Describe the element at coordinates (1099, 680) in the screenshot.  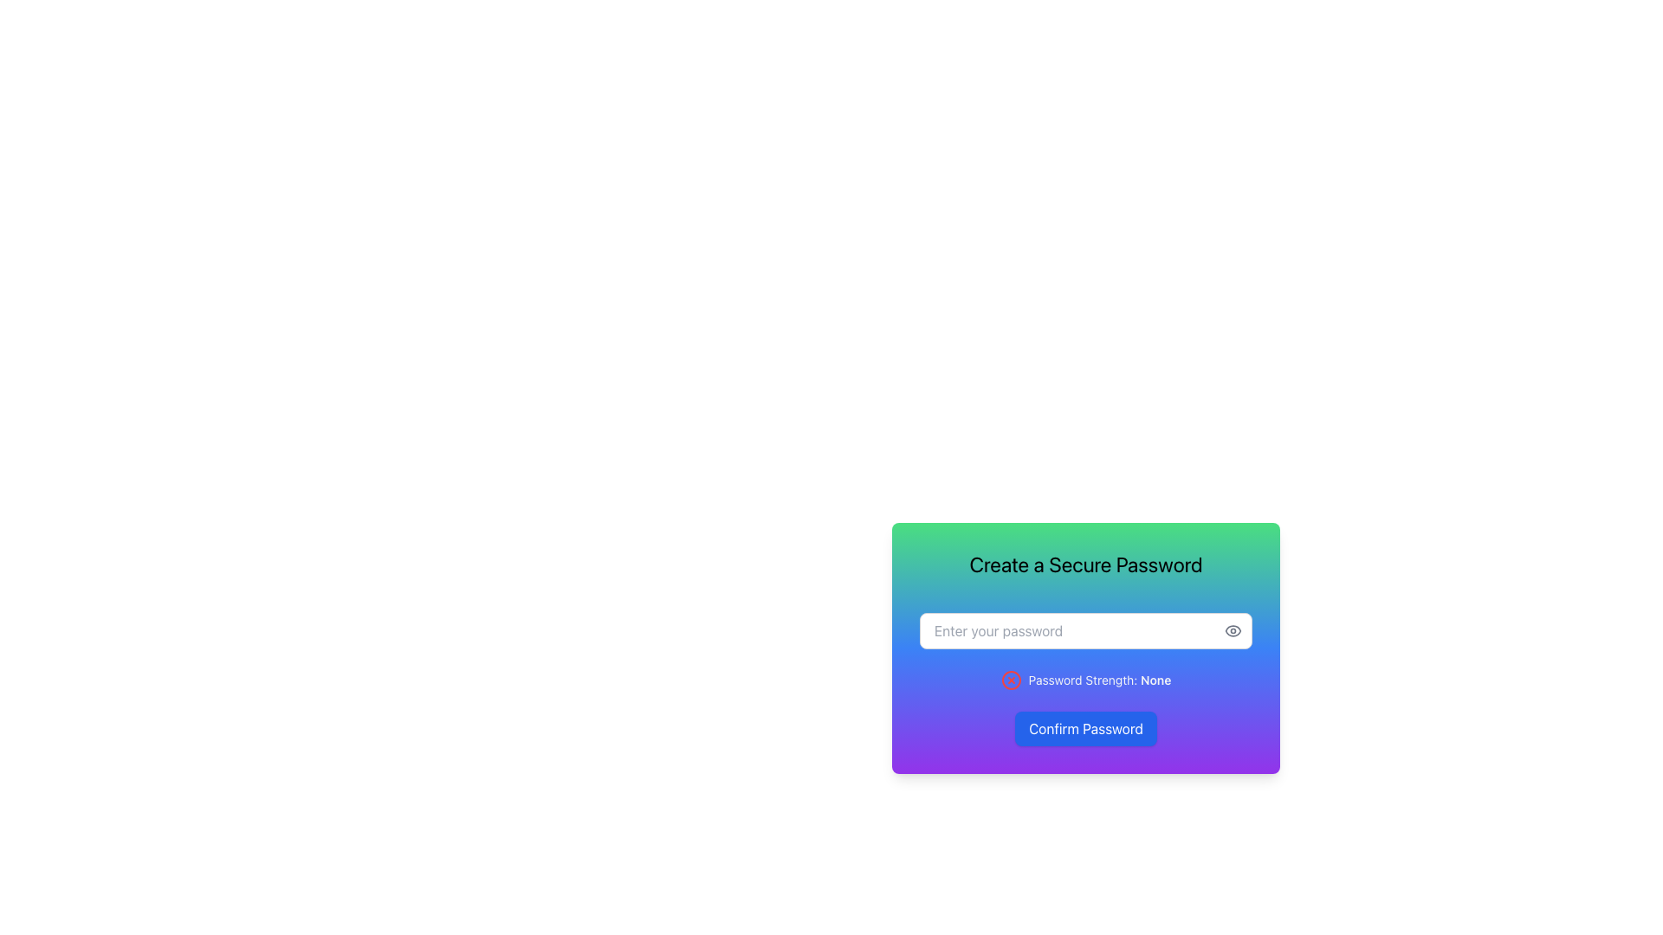
I see `the label displaying 'Password Strength: None', which is styled with a smaller font size and light gray color, located below the password input field` at that location.